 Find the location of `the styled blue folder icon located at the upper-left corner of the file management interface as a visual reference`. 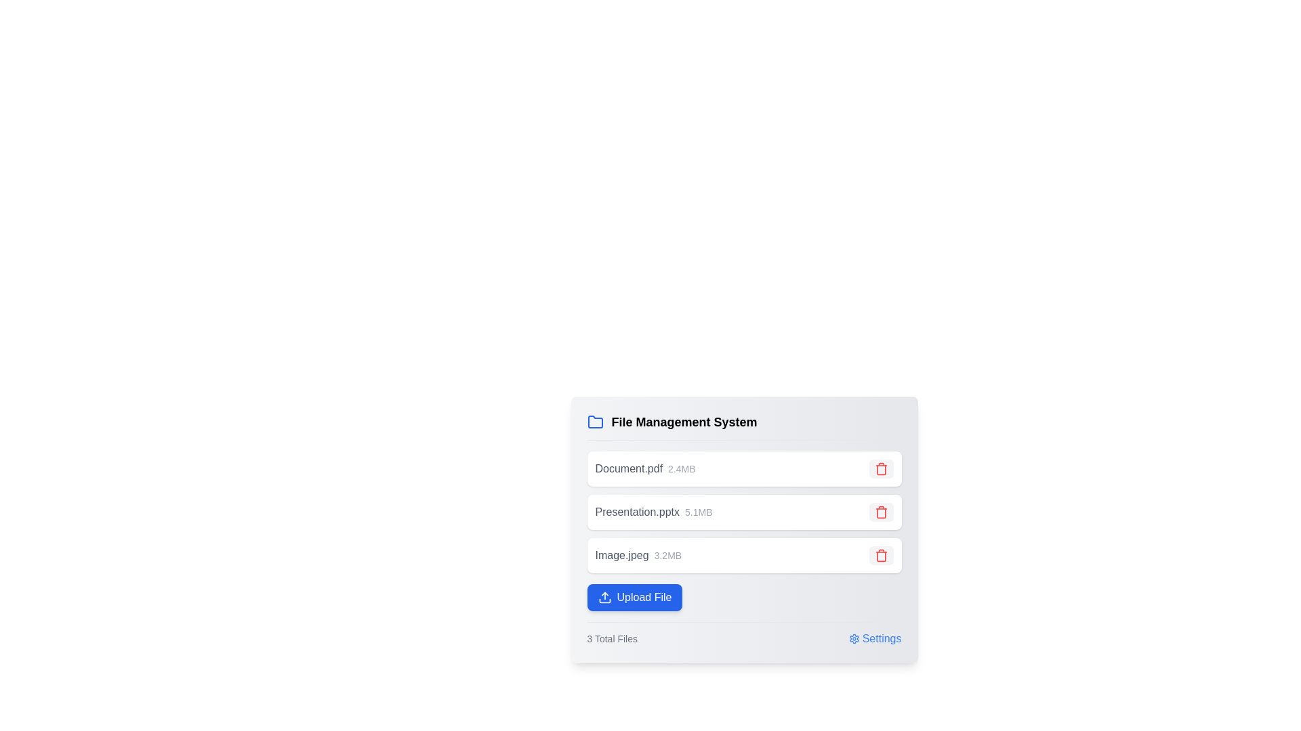

the styled blue folder icon located at the upper-left corner of the file management interface as a visual reference is located at coordinates (595, 421).